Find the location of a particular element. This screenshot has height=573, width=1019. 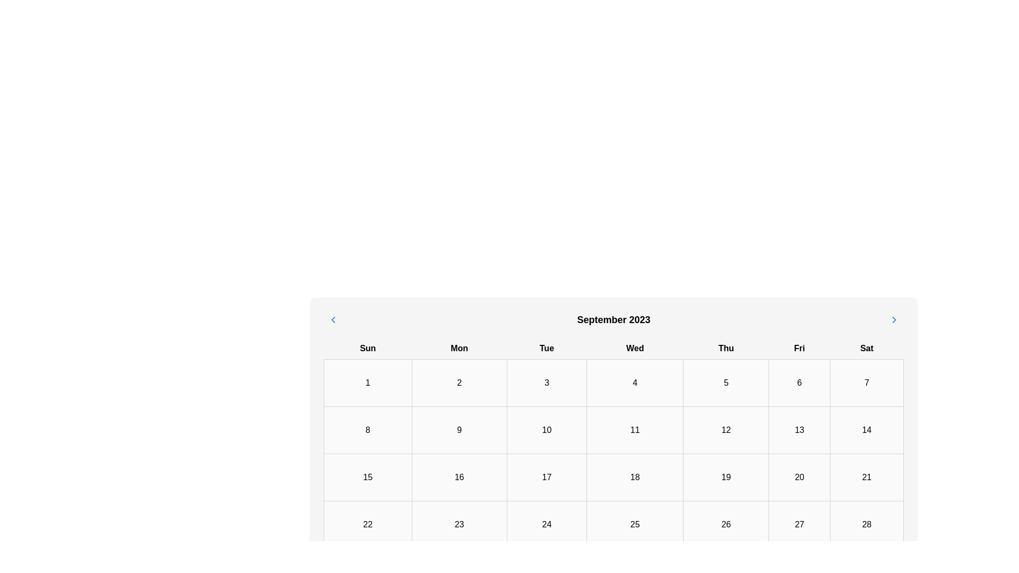

the calendar date cell representing the 17th of September 2023 is located at coordinates (547, 476).